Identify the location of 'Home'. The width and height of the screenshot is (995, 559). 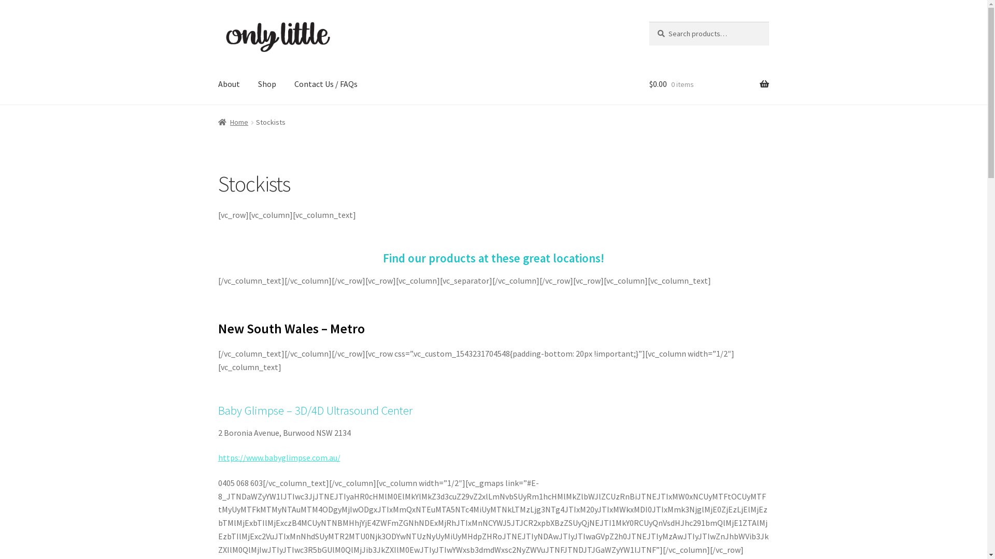
(233, 121).